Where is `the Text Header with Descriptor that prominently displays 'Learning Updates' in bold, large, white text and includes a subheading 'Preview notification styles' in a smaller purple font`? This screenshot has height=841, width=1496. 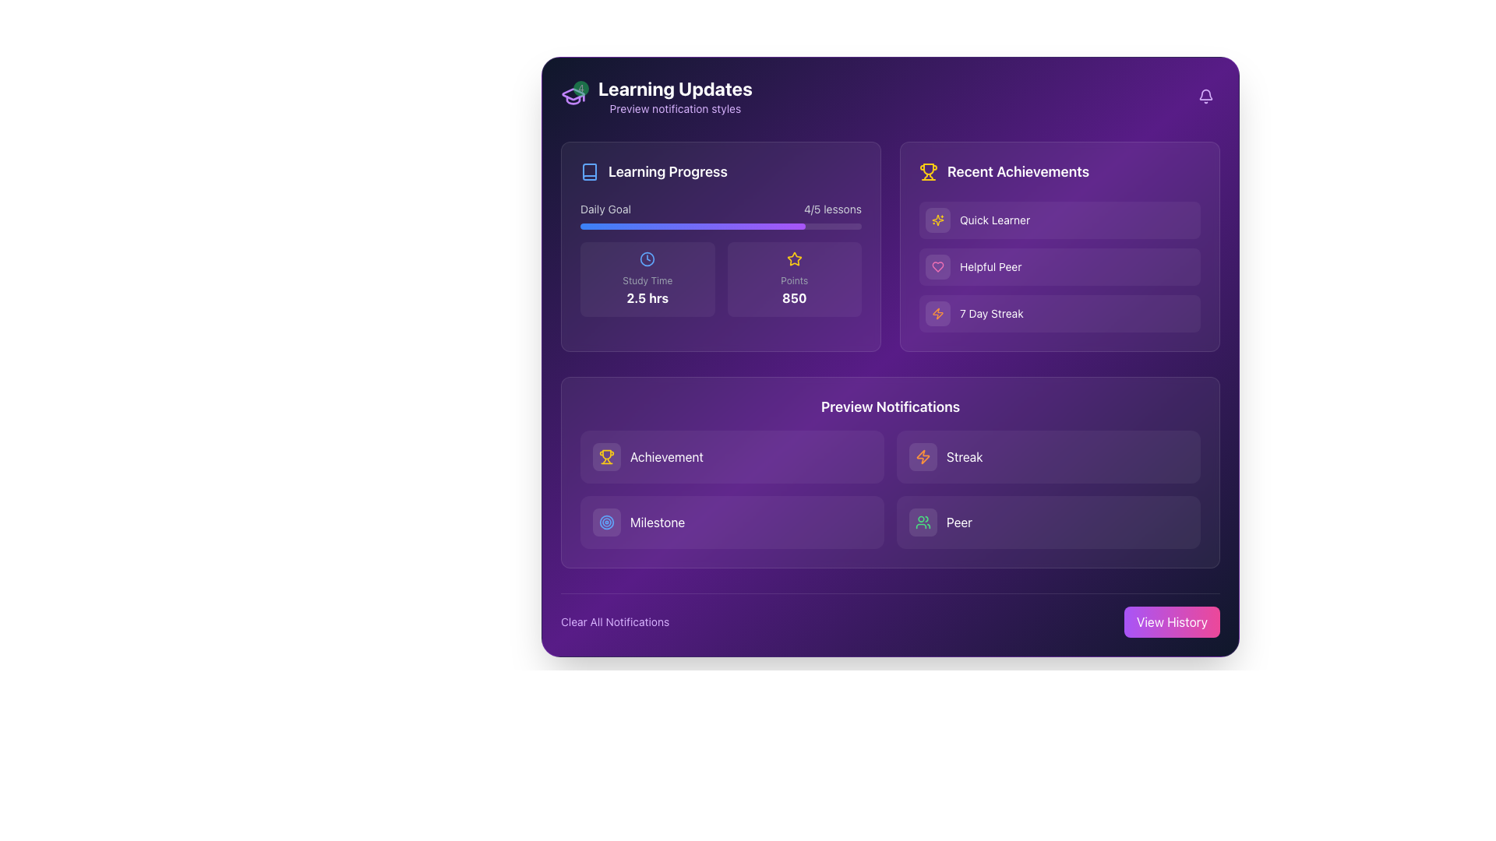
the Text Header with Descriptor that prominently displays 'Learning Updates' in bold, large, white text and includes a subheading 'Preview notification styles' in a smaller purple font is located at coordinates (675, 96).